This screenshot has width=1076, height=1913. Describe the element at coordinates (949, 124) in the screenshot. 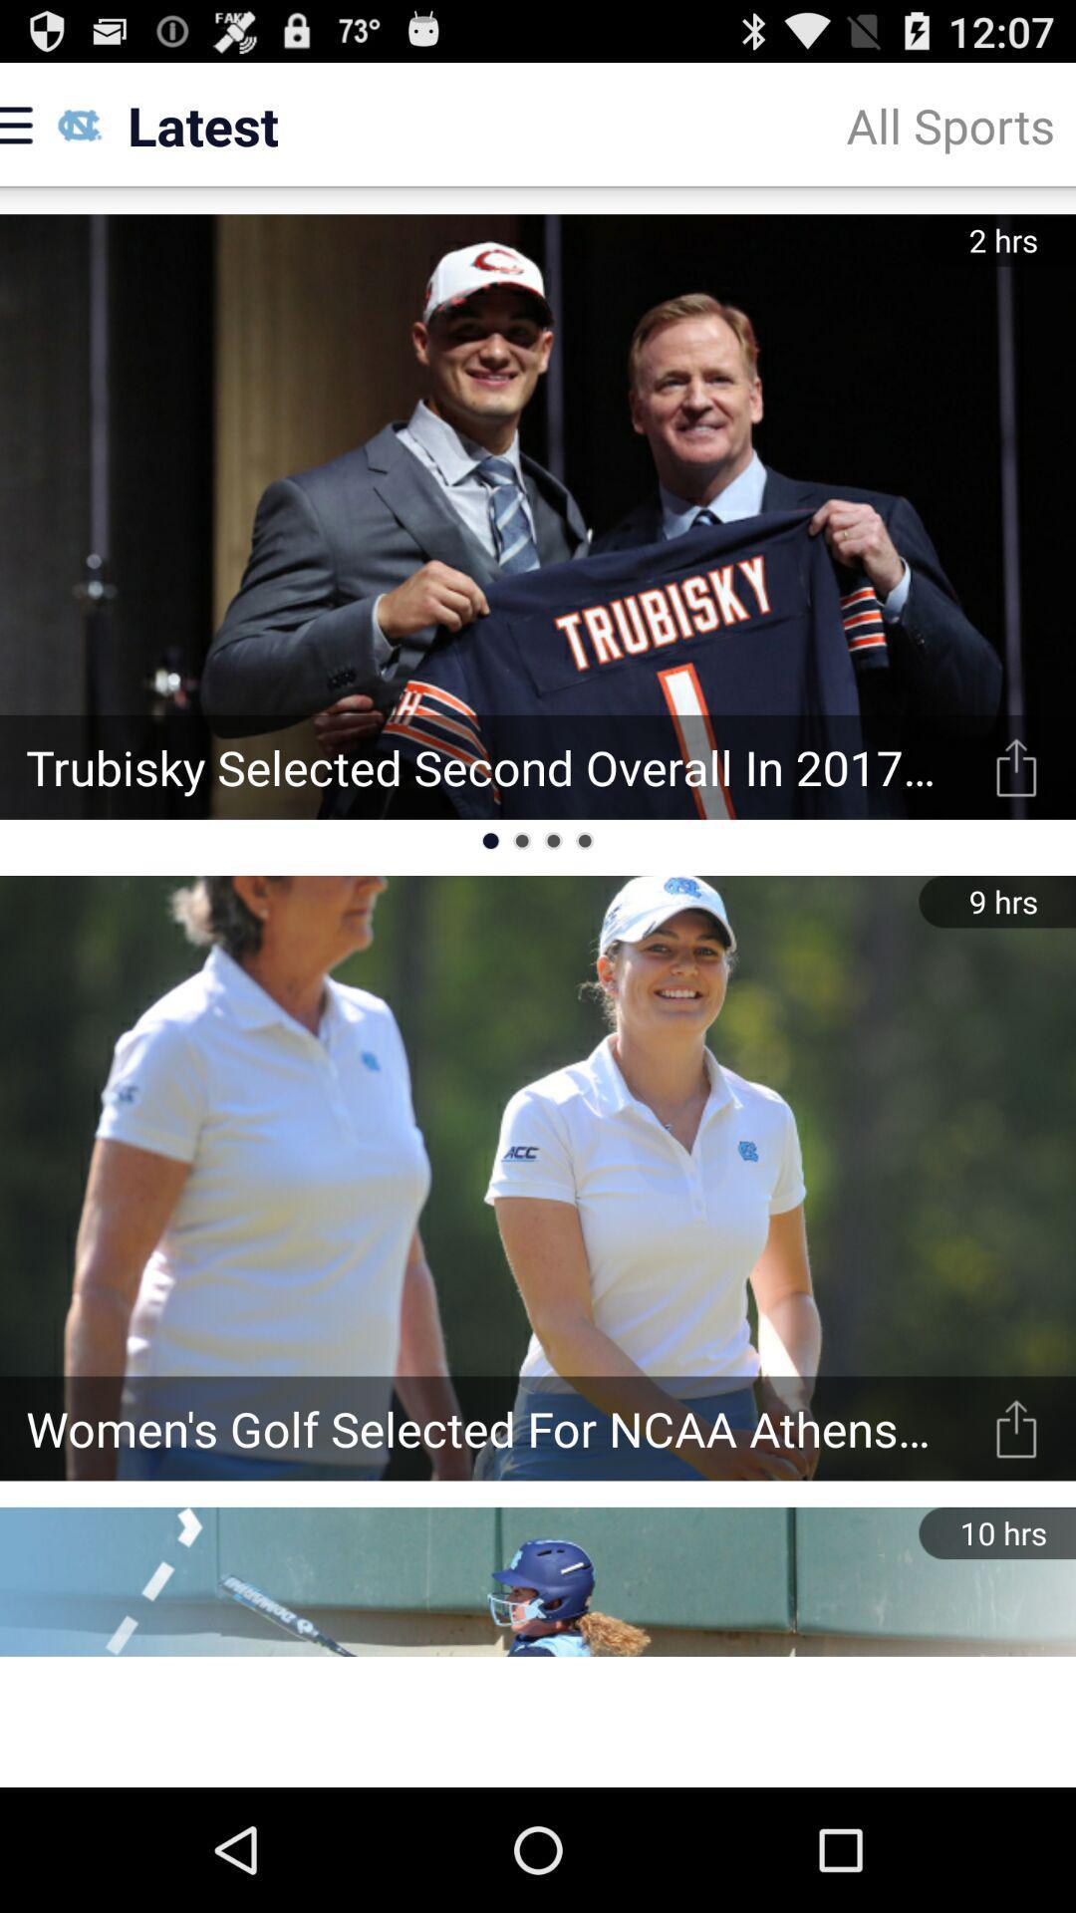

I see `the icon to the right of the latest icon` at that location.